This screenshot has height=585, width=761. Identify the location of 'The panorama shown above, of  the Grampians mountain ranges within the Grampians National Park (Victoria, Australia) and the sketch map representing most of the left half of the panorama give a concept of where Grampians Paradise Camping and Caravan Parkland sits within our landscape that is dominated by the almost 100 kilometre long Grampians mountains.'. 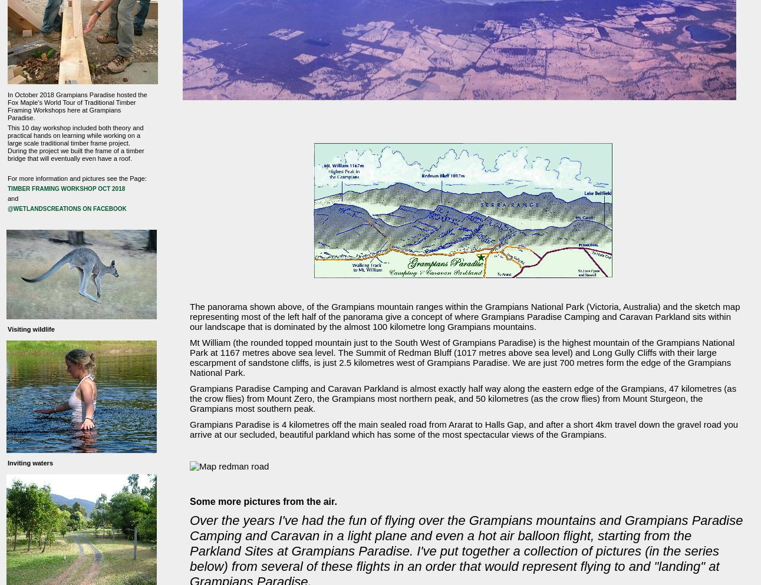
(464, 316).